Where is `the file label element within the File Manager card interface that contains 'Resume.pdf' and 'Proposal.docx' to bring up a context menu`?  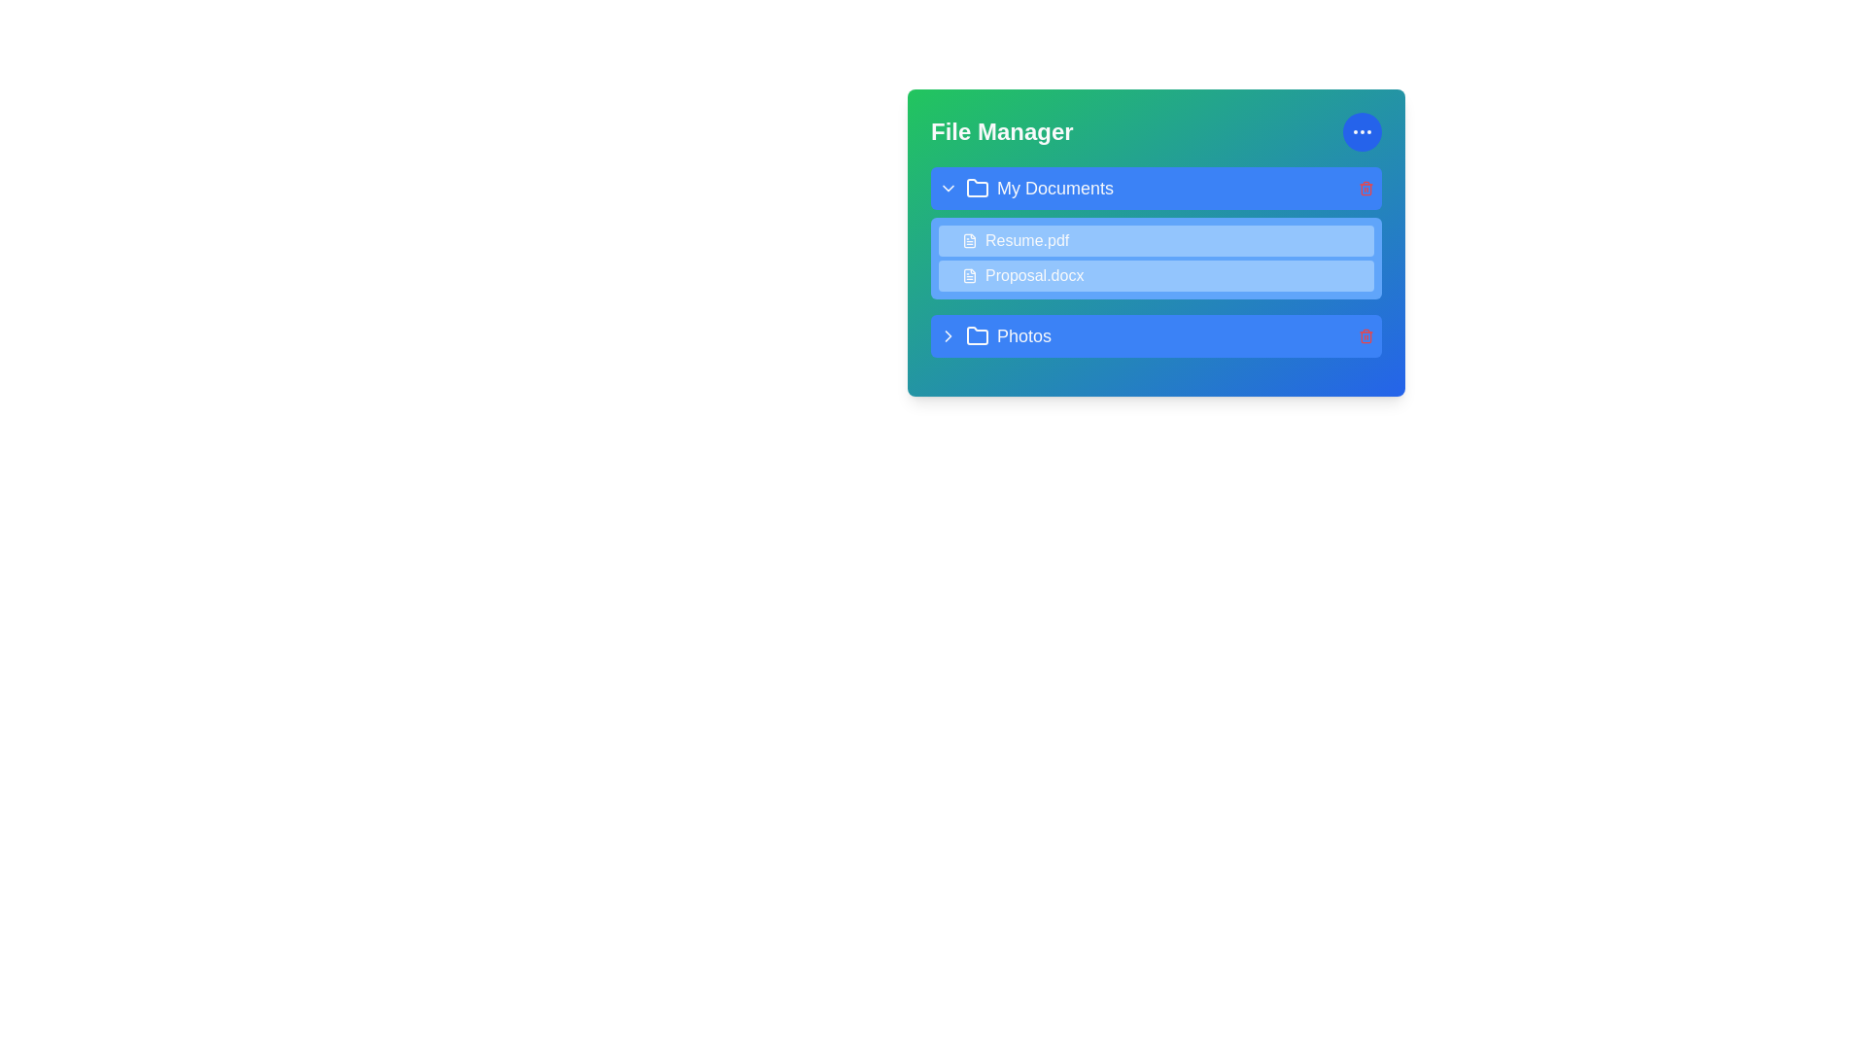
the file label element within the File Manager card interface that contains 'Resume.pdf' and 'Proposal.docx' to bring up a context menu is located at coordinates (1157, 262).